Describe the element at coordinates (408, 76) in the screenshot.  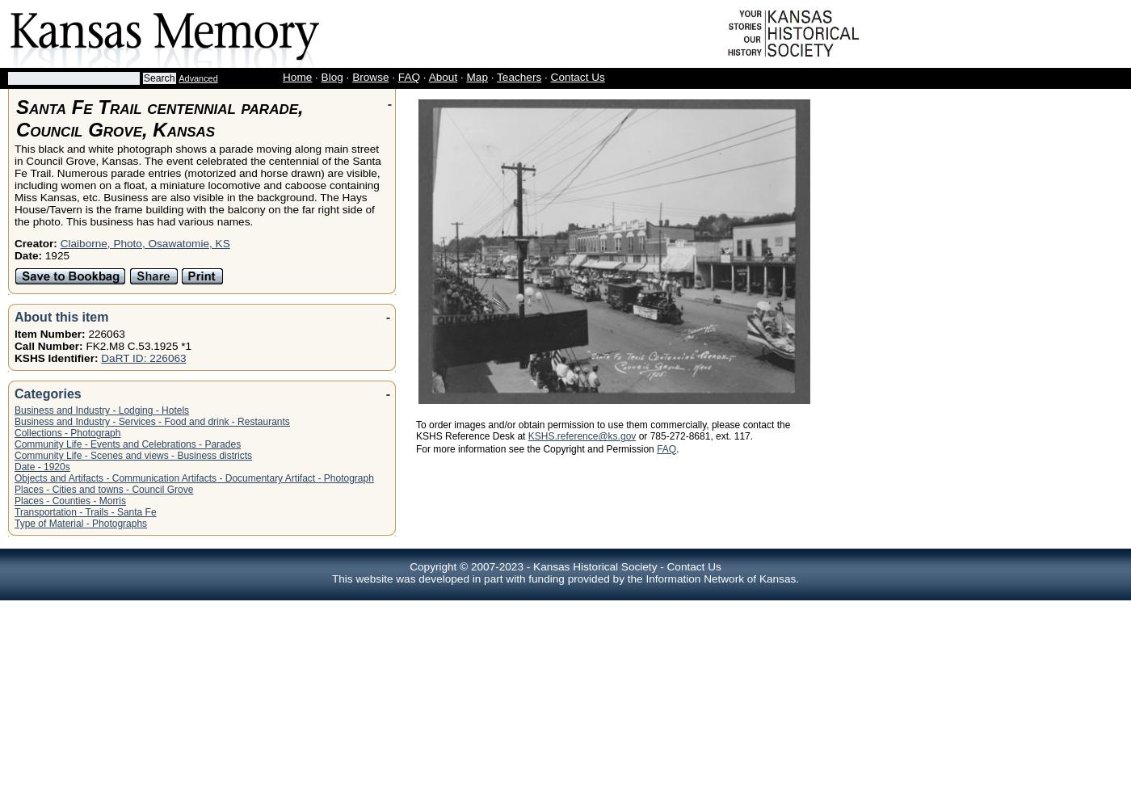
I see `'FAQ'` at that location.